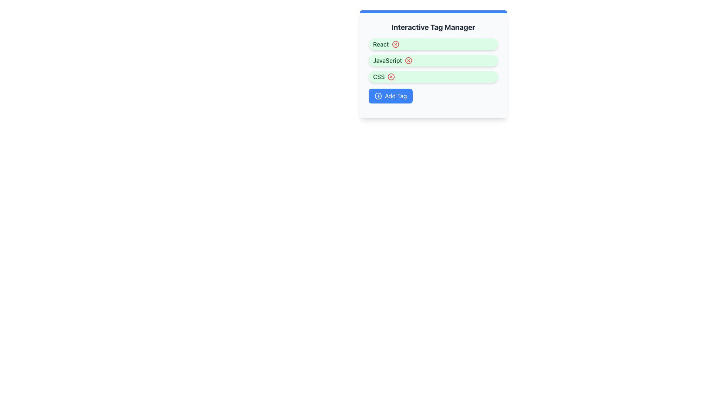 Image resolution: width=710 pixels, height=399 pixels. What do you see at coordinates (391, 77) in the screenshot?
I see `the circular part of the cancellation or removal icon located to the right of the 'CSS' label field` at bounding box center [391, 77].